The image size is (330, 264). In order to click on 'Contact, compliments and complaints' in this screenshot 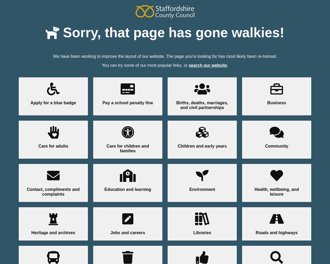, I will do `click(53, 191)`.